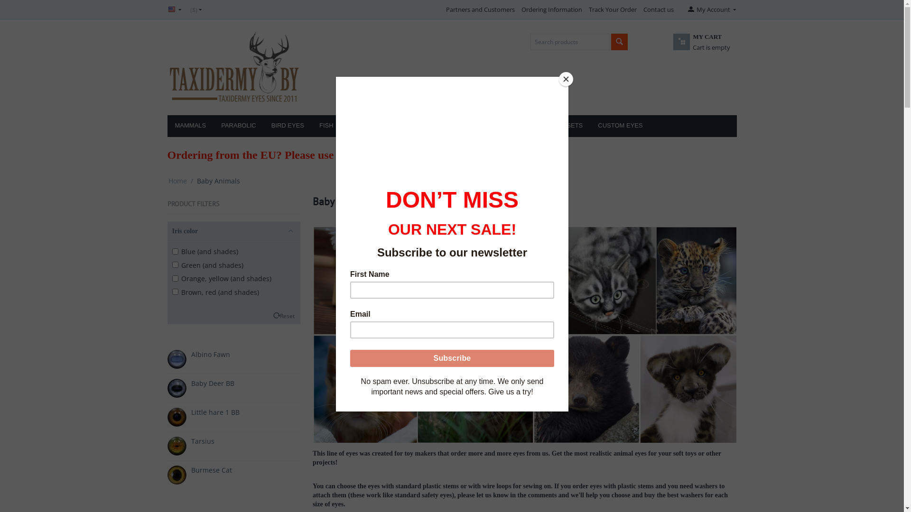  Describe the element at coordinates (551, 9) in the screenshot. I see `'Ordering Information'` at that location.